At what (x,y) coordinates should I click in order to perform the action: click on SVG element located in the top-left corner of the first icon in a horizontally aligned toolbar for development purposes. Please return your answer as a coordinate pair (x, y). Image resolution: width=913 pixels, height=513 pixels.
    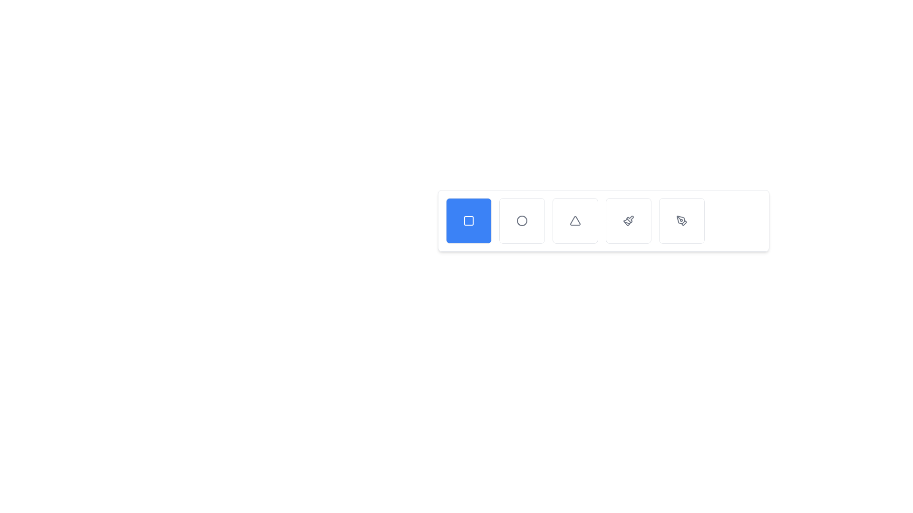
    Looking at the image, I should click on (468, 221).